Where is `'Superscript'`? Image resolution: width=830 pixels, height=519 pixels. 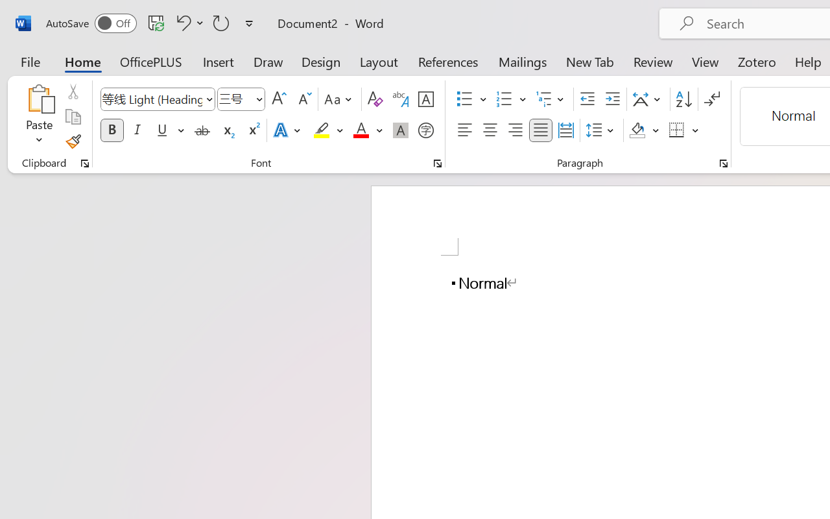
'Superscript' is located at coordinates (253, 130).